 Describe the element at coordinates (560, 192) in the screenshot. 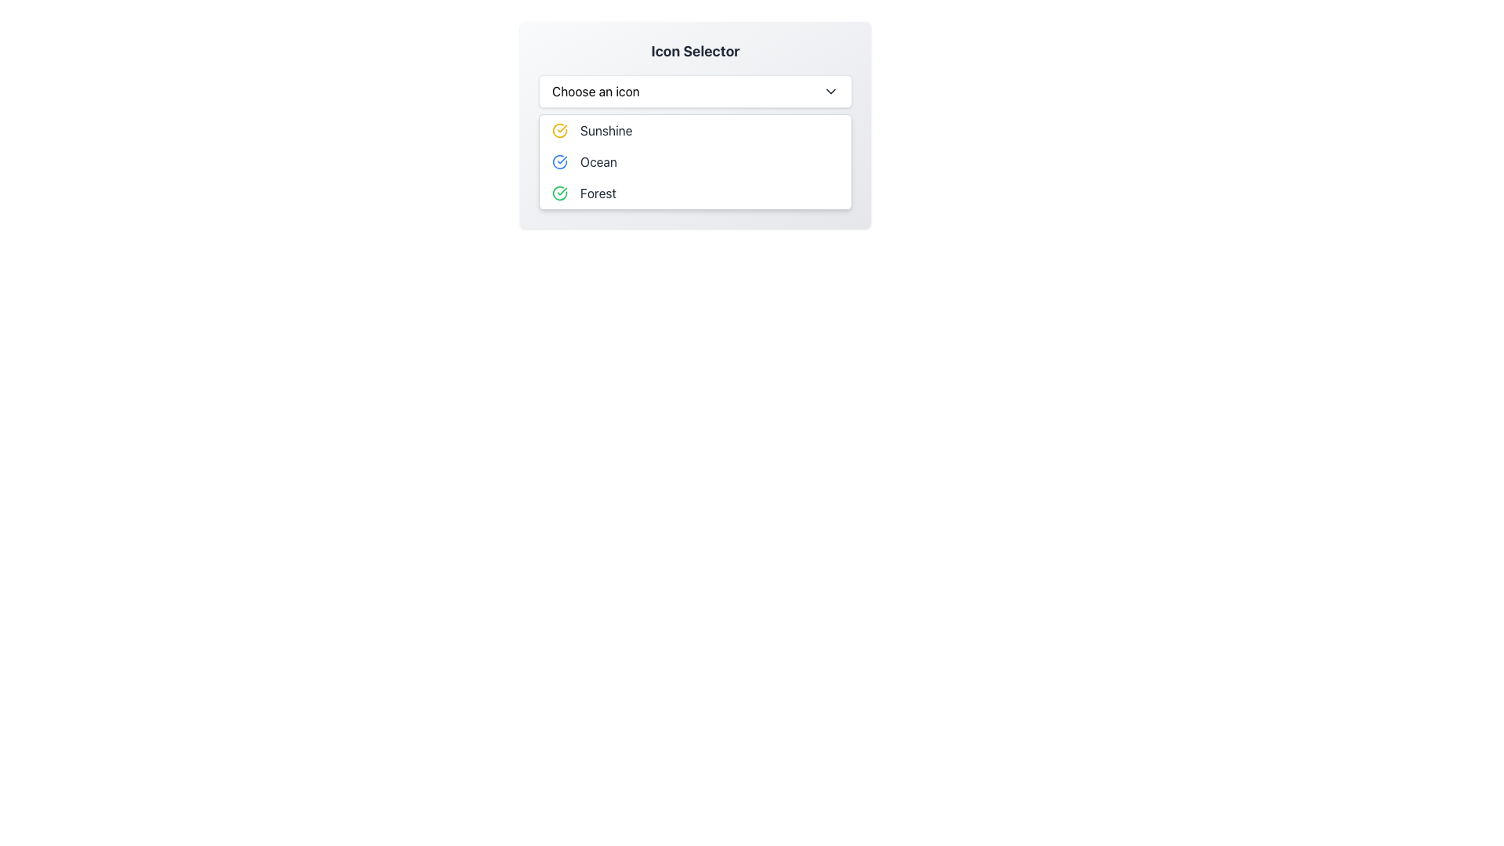

I see `the selection icon indicating that the 'Forest' option has been chosen in the dropdown menu` at that location.